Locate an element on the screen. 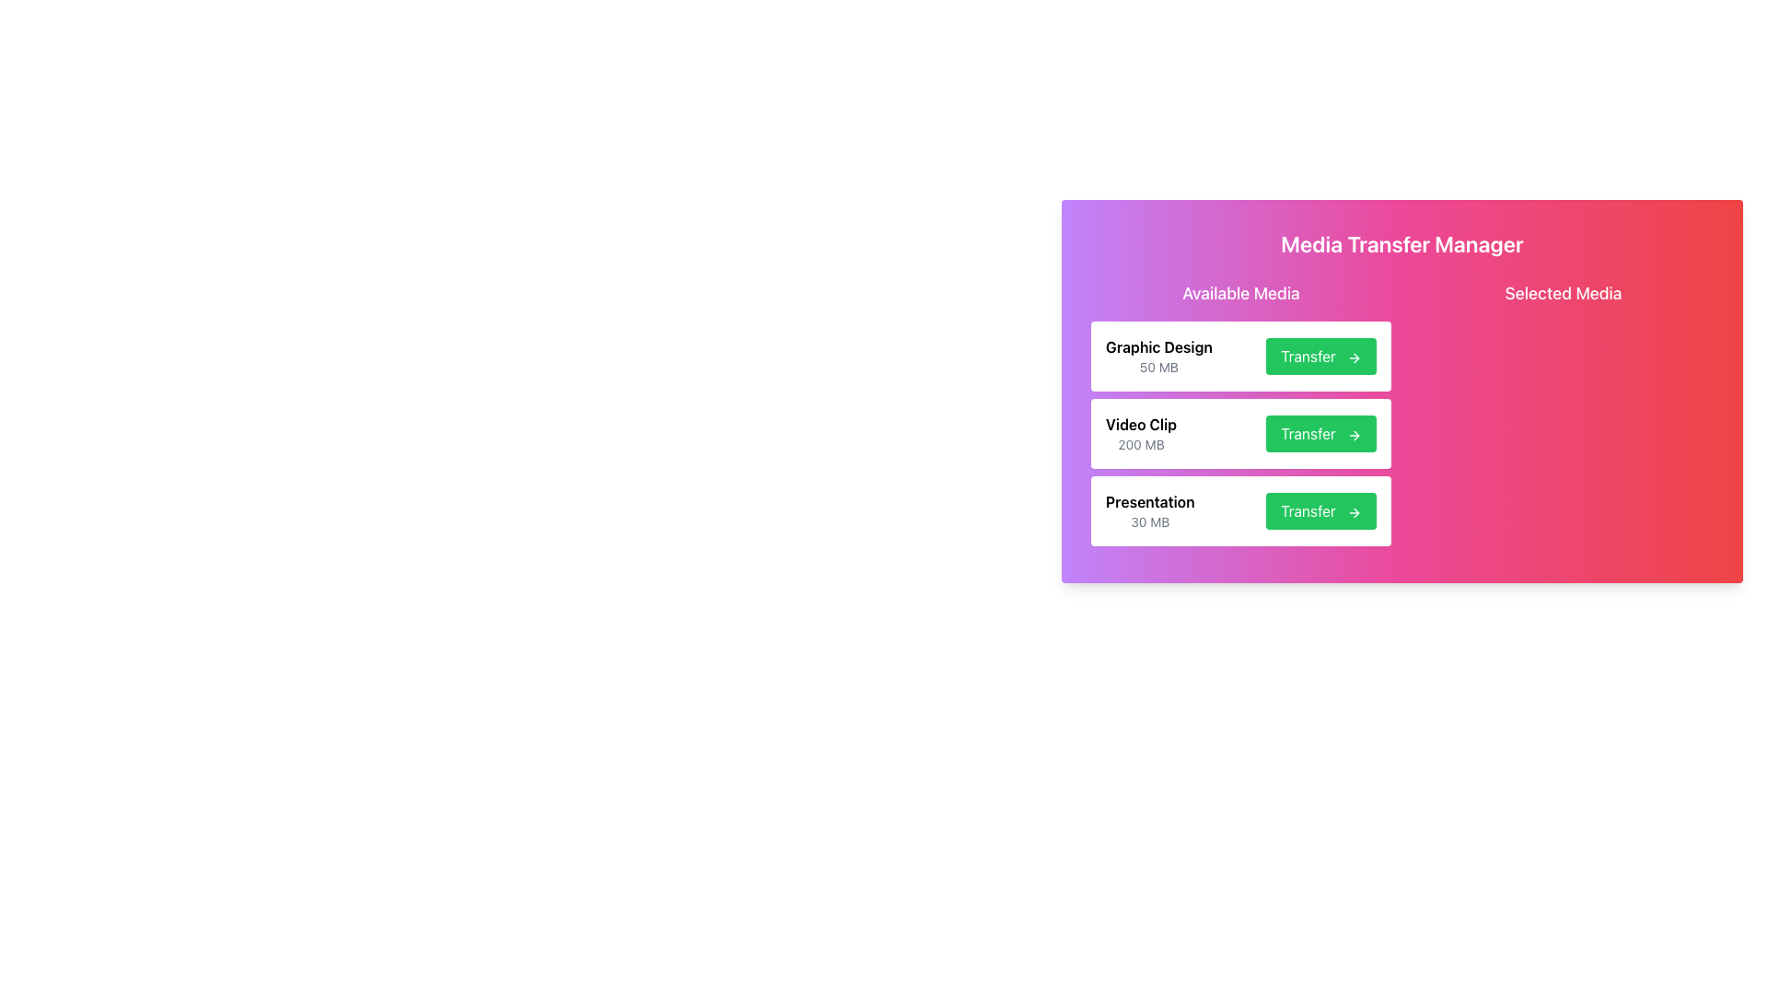 This screenshot has width=1768, height=995. the 'Transfer' button located in the lower section of the 'Available Media' list in the 'Media Transfer Manager' interface to initiate the file transfer is located at coordinates (1241, 511).